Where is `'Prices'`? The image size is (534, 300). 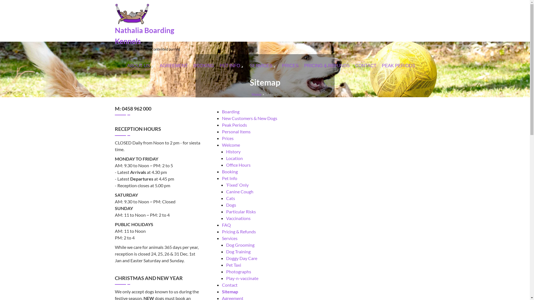 'Prices' is located at coordinates (228, 138).